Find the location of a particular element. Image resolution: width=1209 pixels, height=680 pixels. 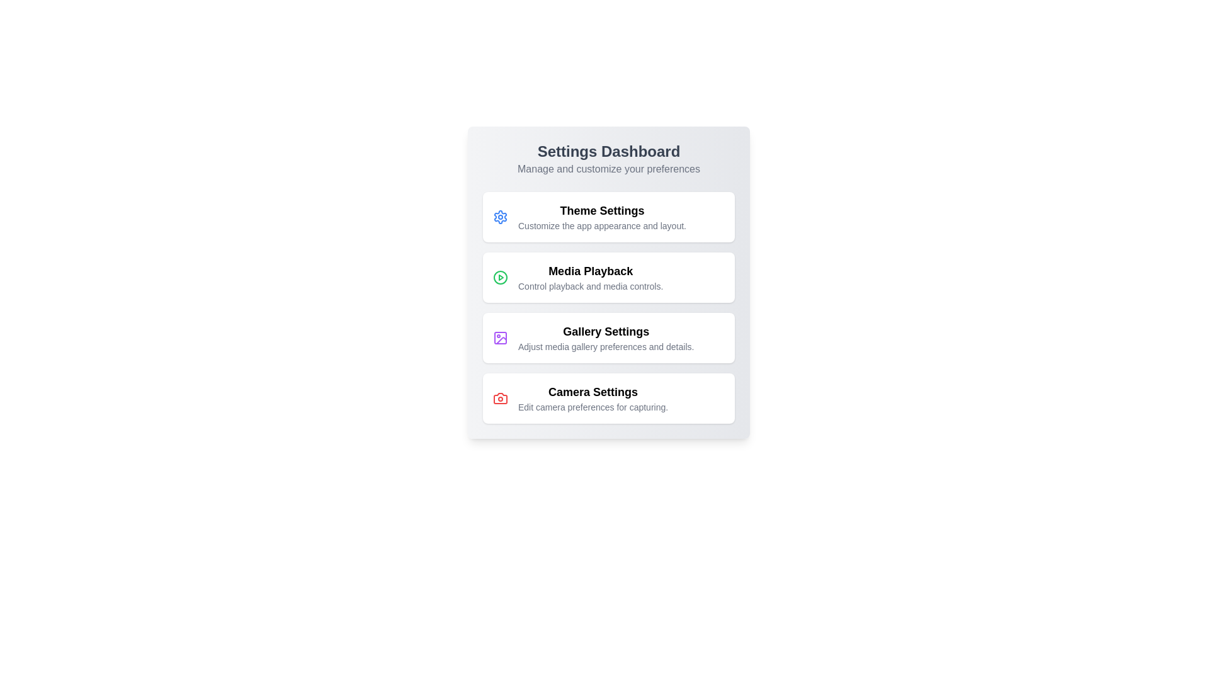

the static text label that reads 'Edit camera preferences for capturing.' located directly beneath the 'Camera Settings' title on the settings dashboard is located at coordinates (593, 407).